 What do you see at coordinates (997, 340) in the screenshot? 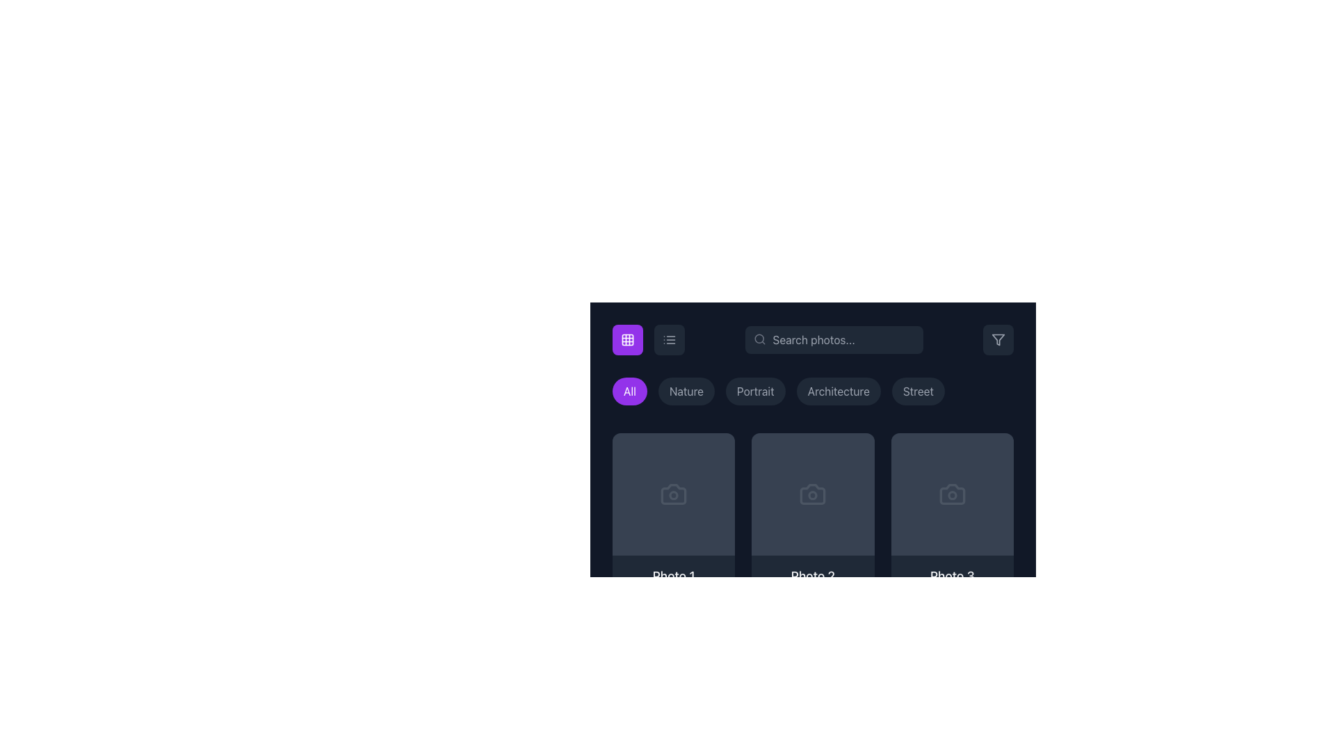
I see `the filter icon button located in the top-right corner of the interface` at bounding box center [997, 340].